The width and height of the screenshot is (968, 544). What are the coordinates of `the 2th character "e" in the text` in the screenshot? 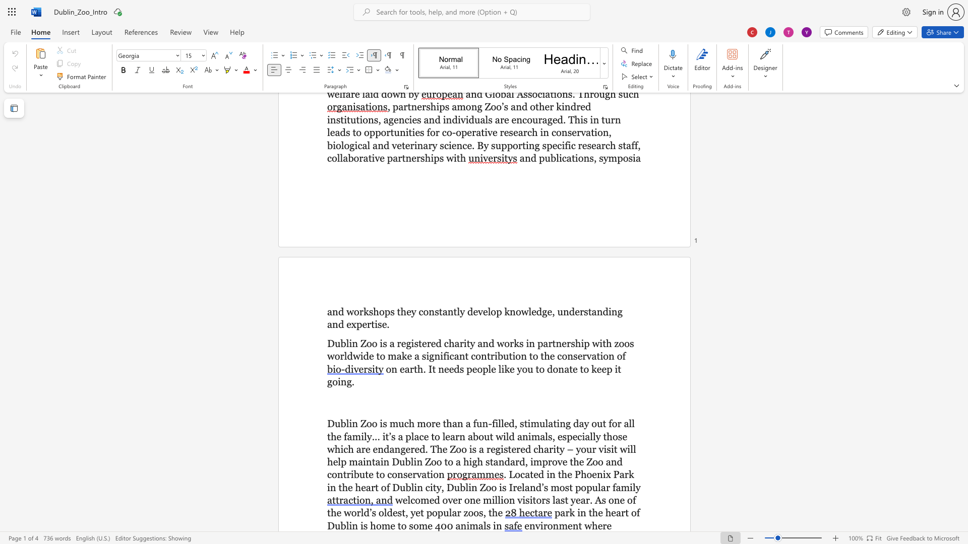 It's located at (446, 369).